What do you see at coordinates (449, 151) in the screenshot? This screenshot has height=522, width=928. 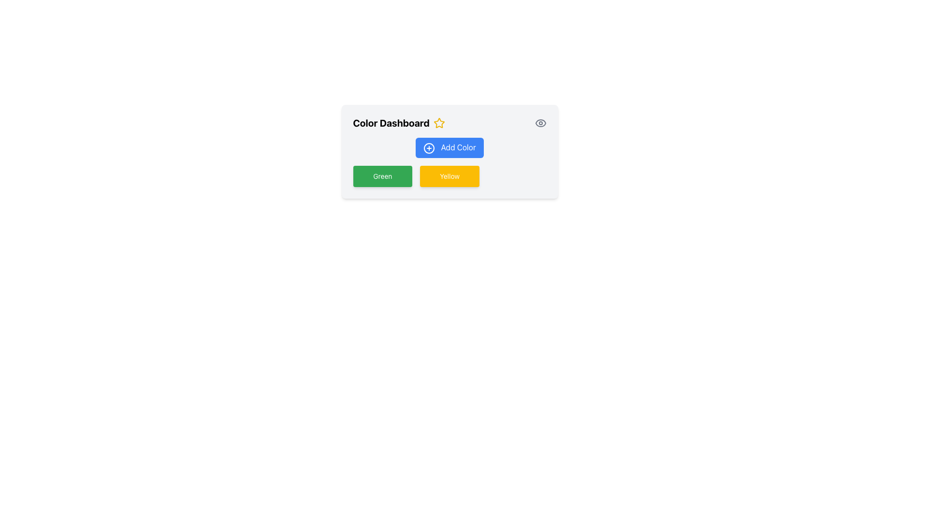 I see `the 'Add Color' button, which is a blue rectangular button with rounded corners and white text` at bounding box center [449, 151].